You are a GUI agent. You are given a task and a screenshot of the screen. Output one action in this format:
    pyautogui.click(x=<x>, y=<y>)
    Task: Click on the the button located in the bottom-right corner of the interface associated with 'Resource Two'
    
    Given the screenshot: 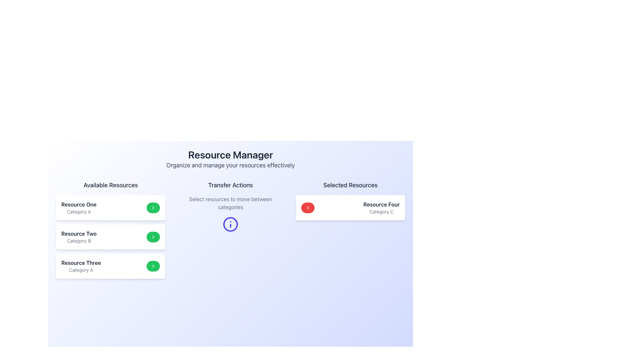 What is the action you would take?
    pyautogui.click(x=153, y=236)
    